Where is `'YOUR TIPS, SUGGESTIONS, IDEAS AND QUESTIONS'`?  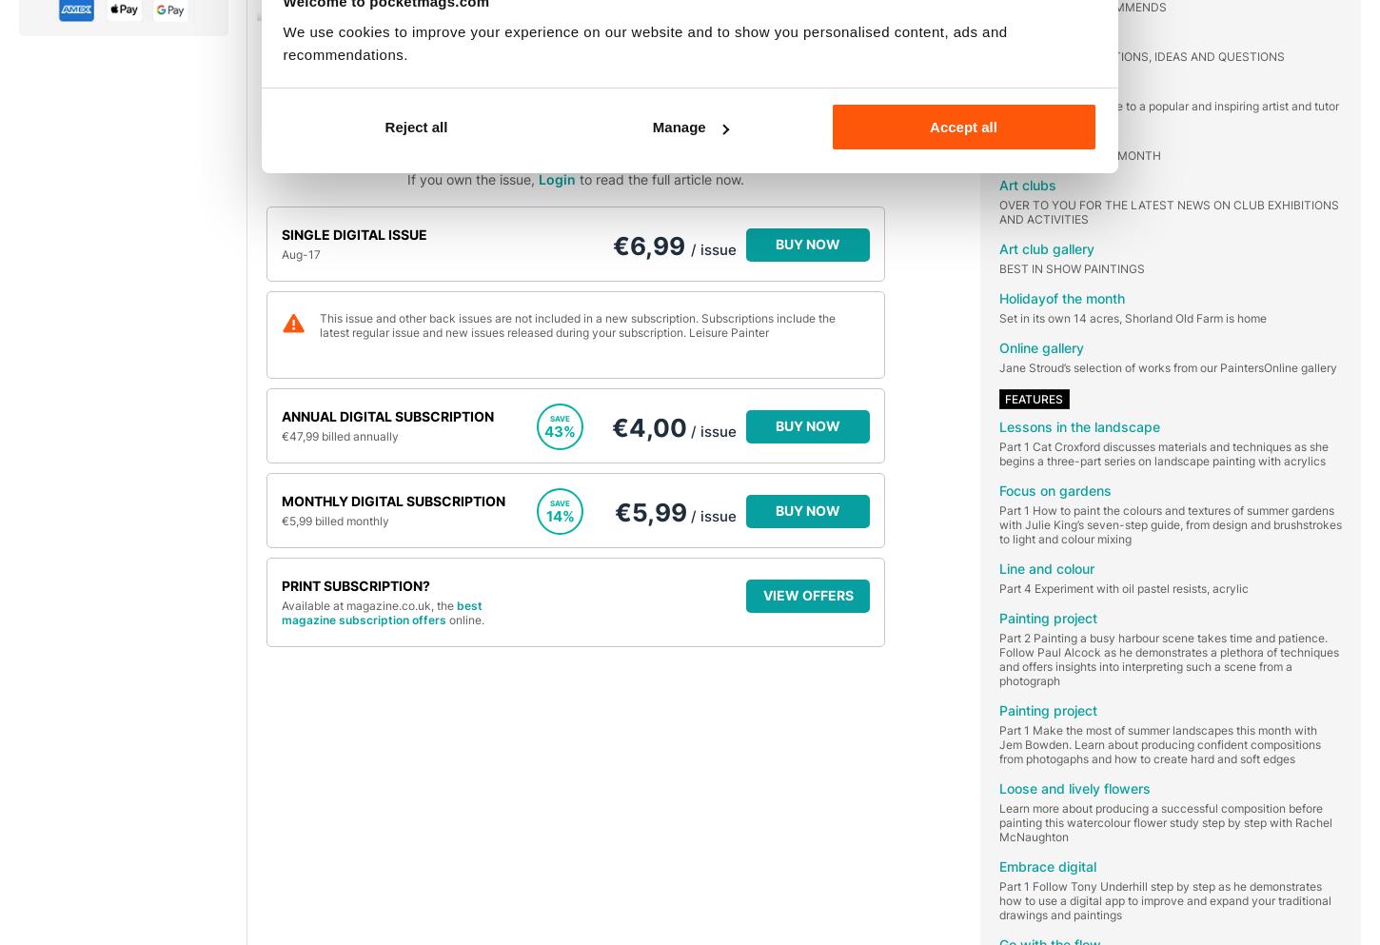 'YOUR TIPS, SUGGESTIONS, IDEAS AND QUESTIONS' is located at coordinates (1141, 56).